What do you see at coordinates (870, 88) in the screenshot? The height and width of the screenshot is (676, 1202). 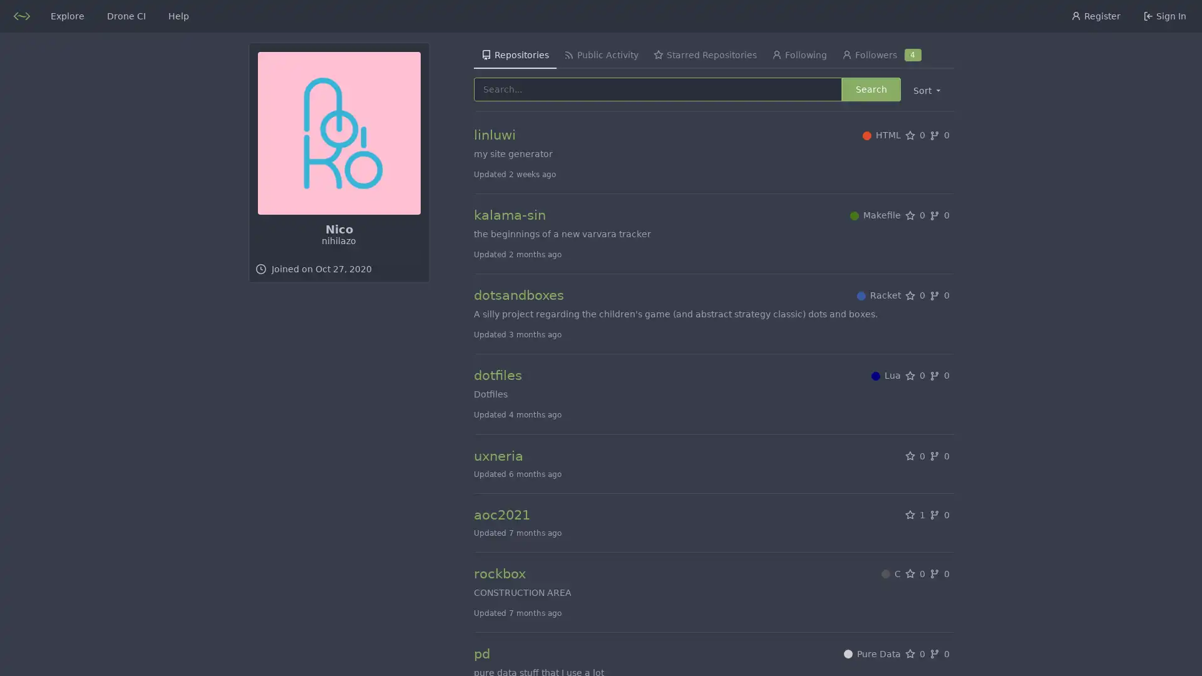 I see `Search` at bounding box center [870, 88].